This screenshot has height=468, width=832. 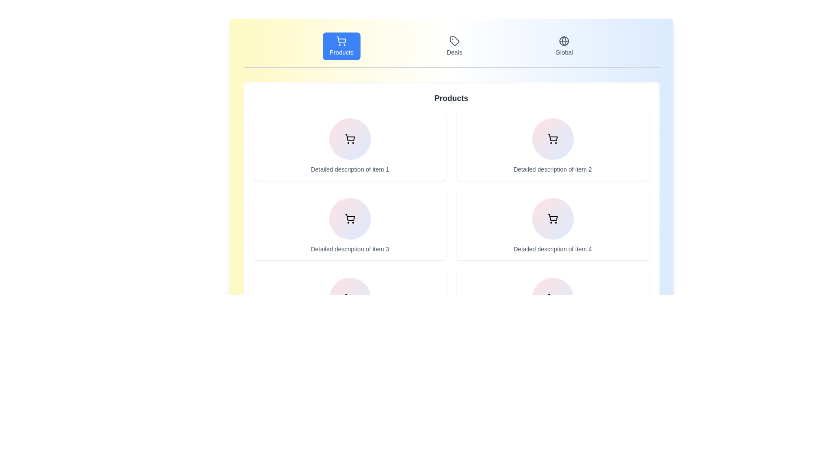 What do you see at coordinates (564, 46) in the screenshot?
I see `the tab labeled Global` at bounding box center [564, 46].